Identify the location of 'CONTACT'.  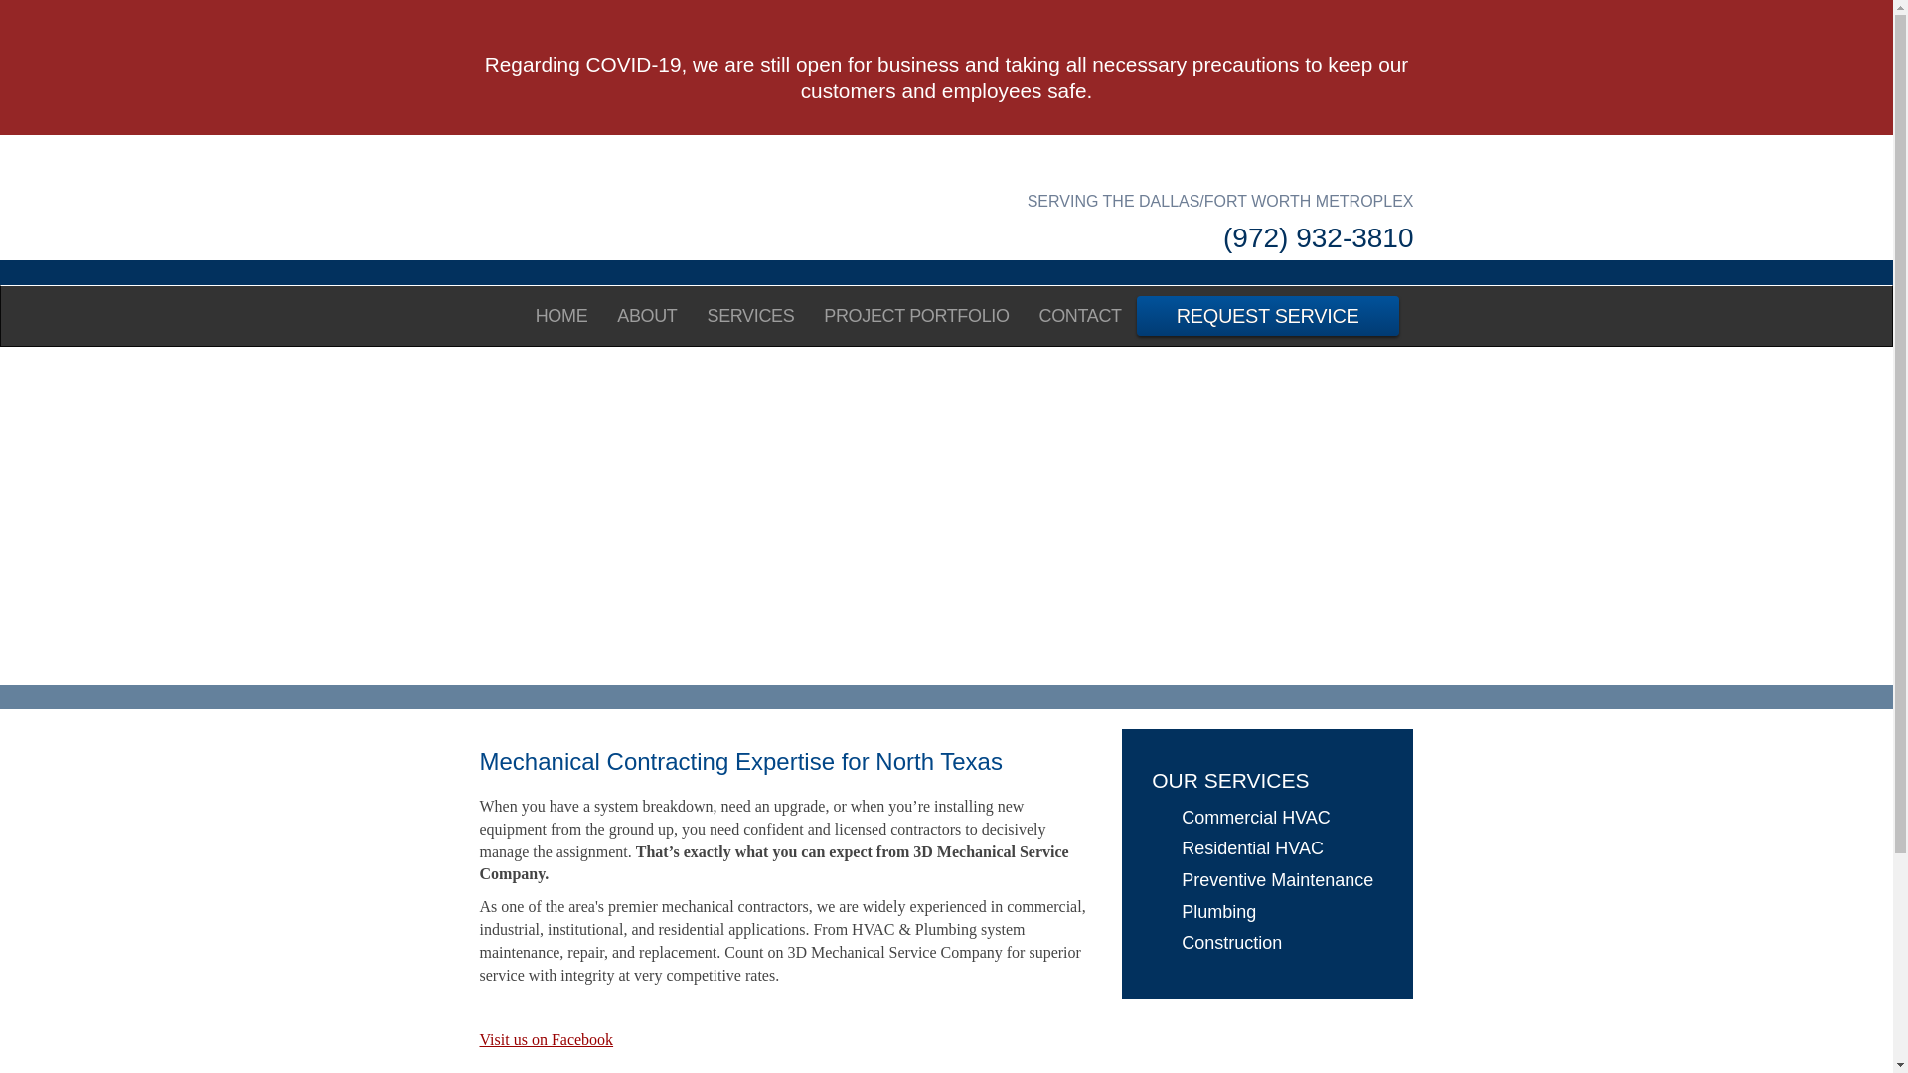
(1079, 314).